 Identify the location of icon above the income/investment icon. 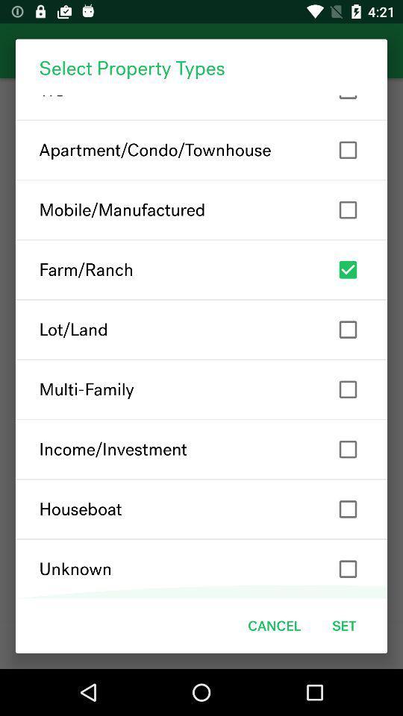
(201, 389).